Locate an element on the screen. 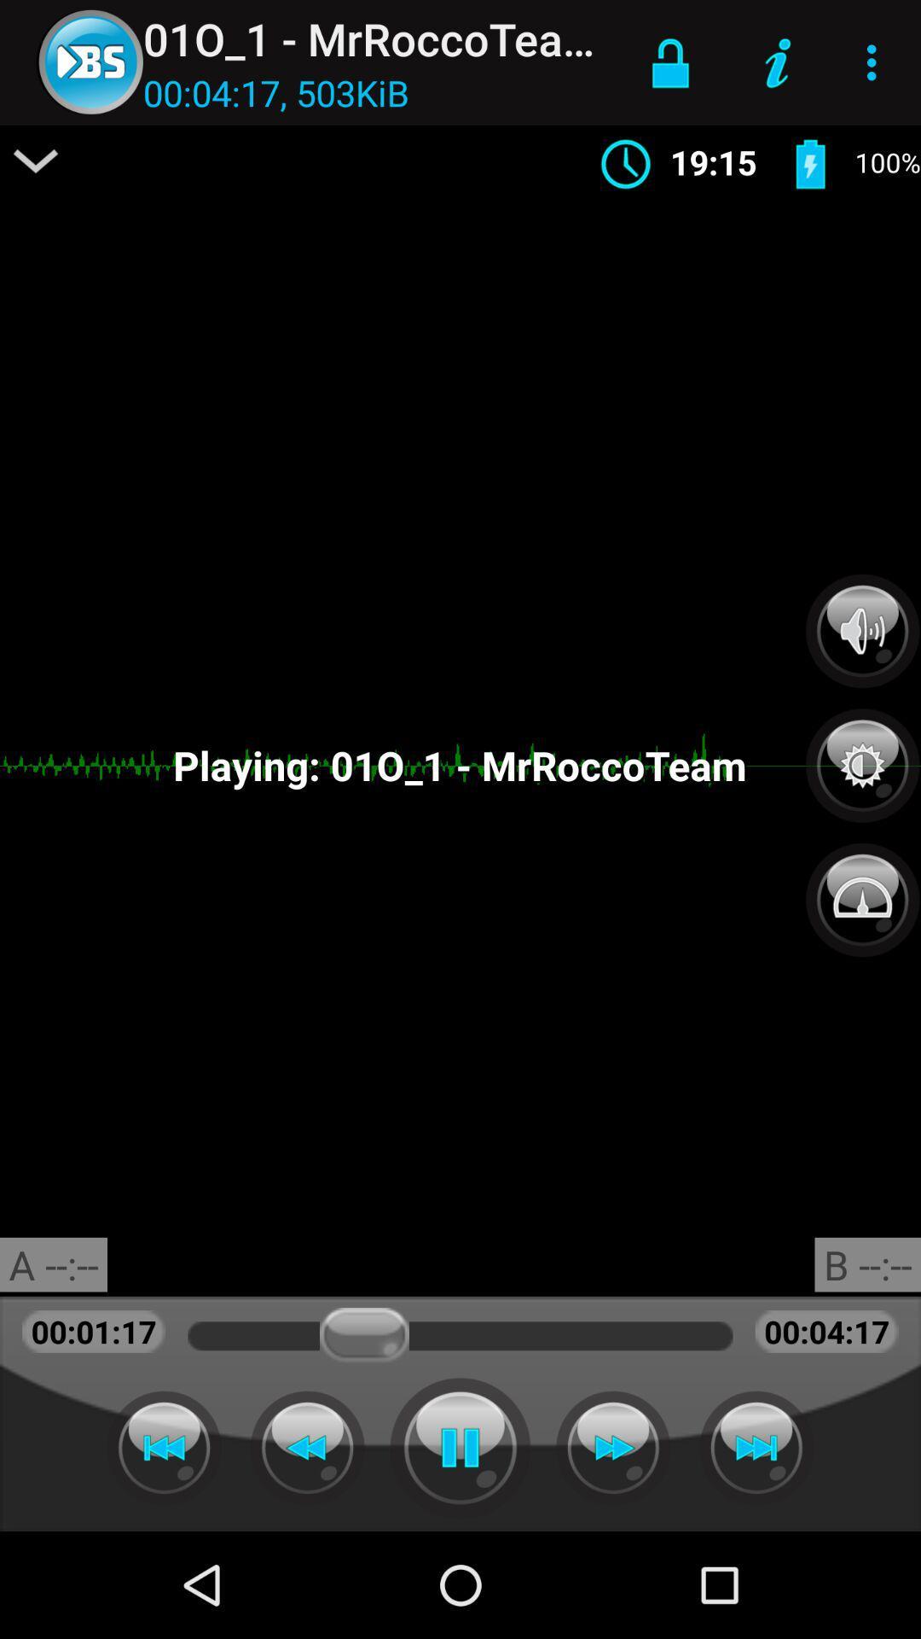 The width and height of the screenshot is (921, 1639). the volume icon is located at coordinates (862, 630).